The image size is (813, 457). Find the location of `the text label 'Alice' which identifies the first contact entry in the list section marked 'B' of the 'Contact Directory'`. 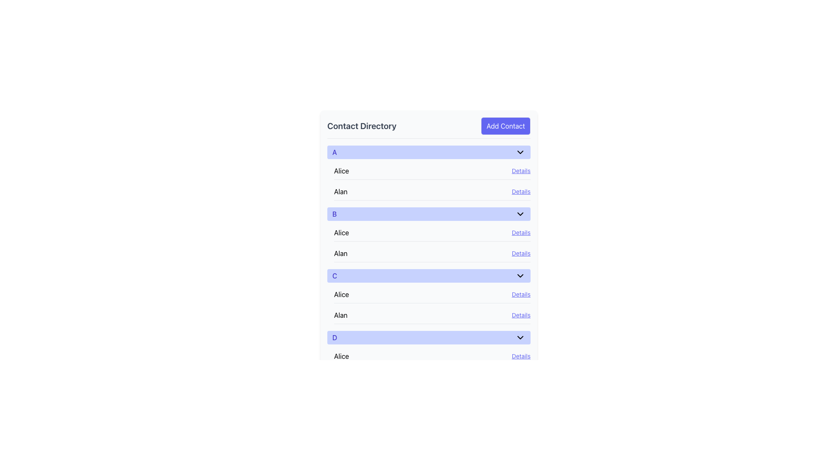

the text label 'Alice' which identifies the first contact entry in the list section marked 'B' of the 'Contact Directory' is located at coordinates (341, 233).